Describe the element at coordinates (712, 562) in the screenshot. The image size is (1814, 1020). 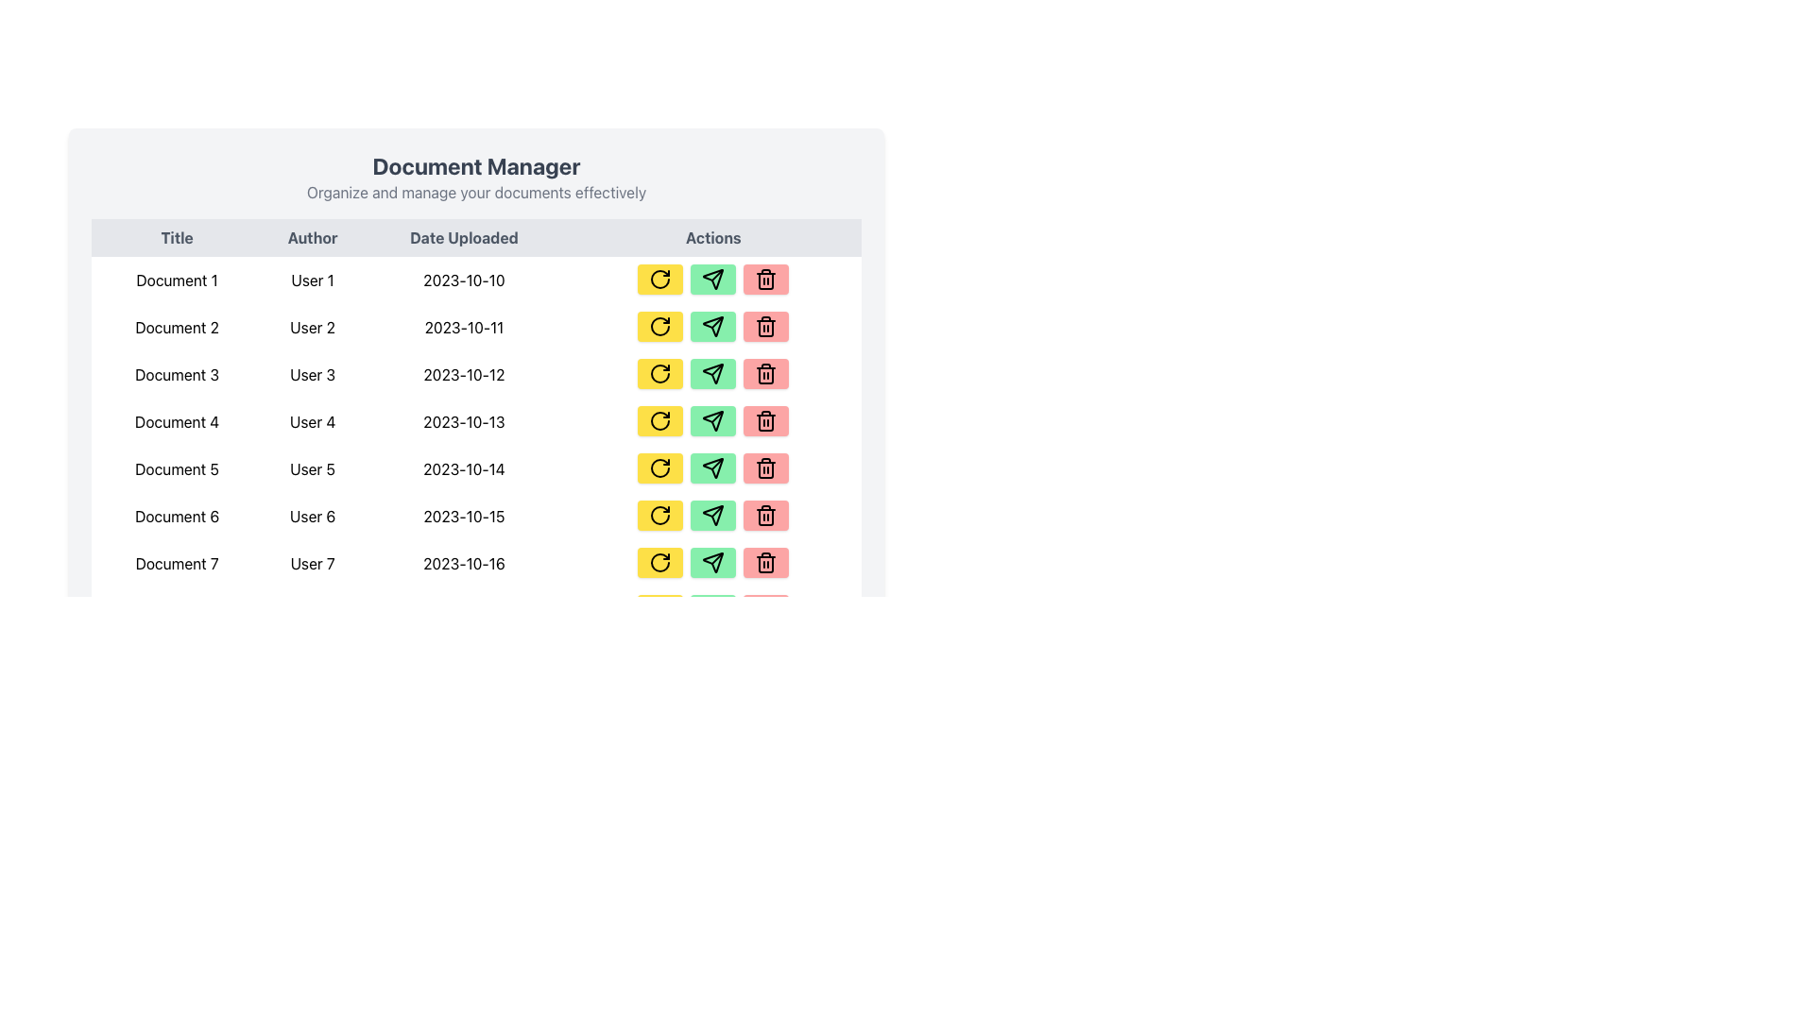
I see `the paper plane icon in the 'Actions' column of the last row in the Document Manager table to initiate the send action` at that location.